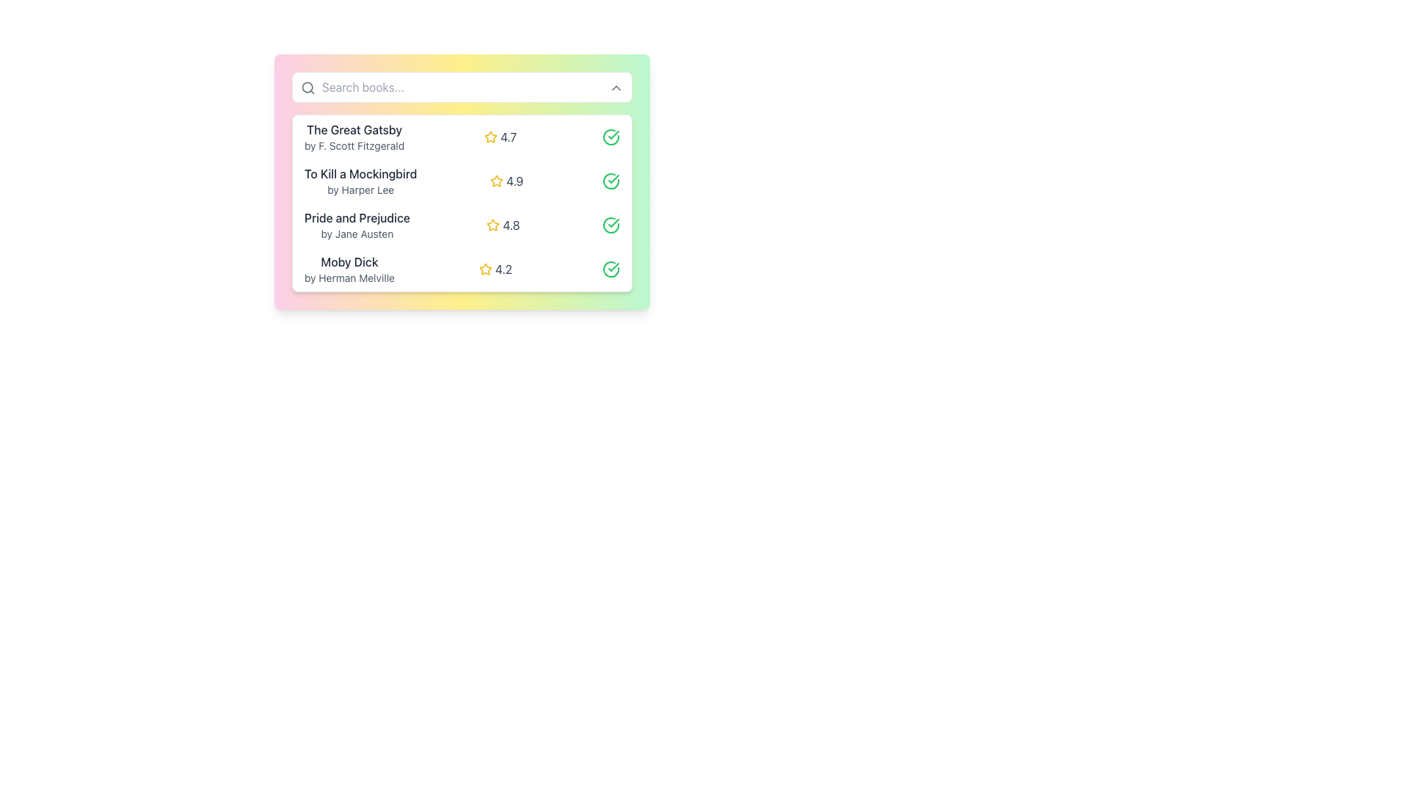 Image resolution: width=1409 pixels, height=793 pixels. Describe the element at coordinates (360, 173) in the screenshot. I see `title text of the book located in the second entry of the vertical list, situated between 'The Great Gatsby' and 'Pride and Prejudice'` at that location.